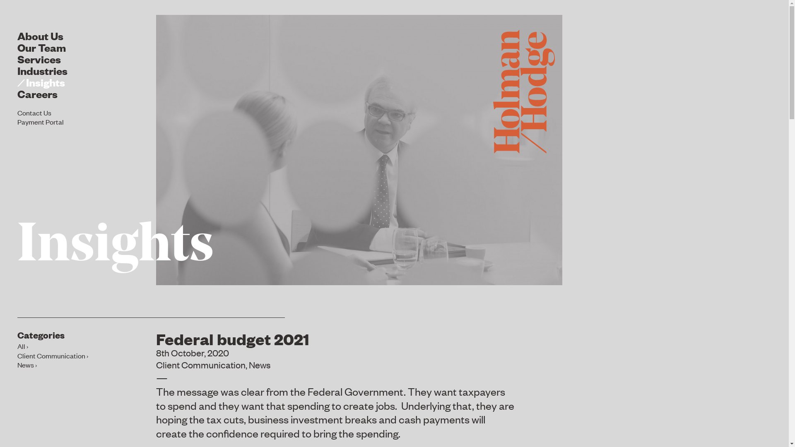 This screenshot has width=795, height=447. Describe the element at coordinates (17, 121) in the screenshot. I see `'Payment Portal'` at that location.